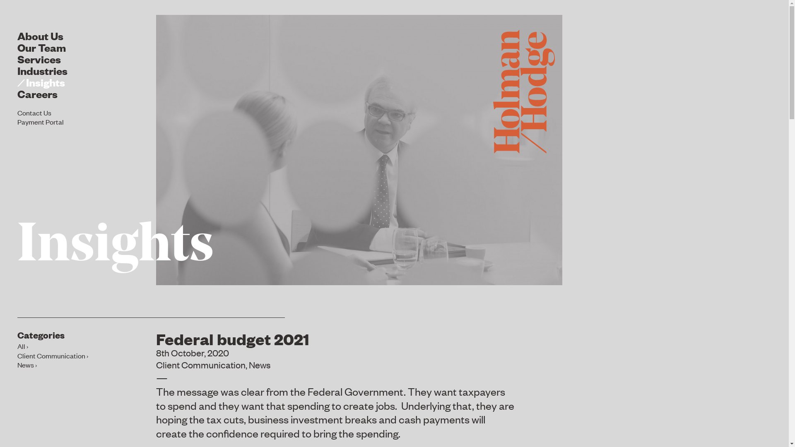 This screenshot has width=795, height=447. Describe the element at coordinates (17, 121) in the screenshot. I see `'Payment Portal'` at that location.